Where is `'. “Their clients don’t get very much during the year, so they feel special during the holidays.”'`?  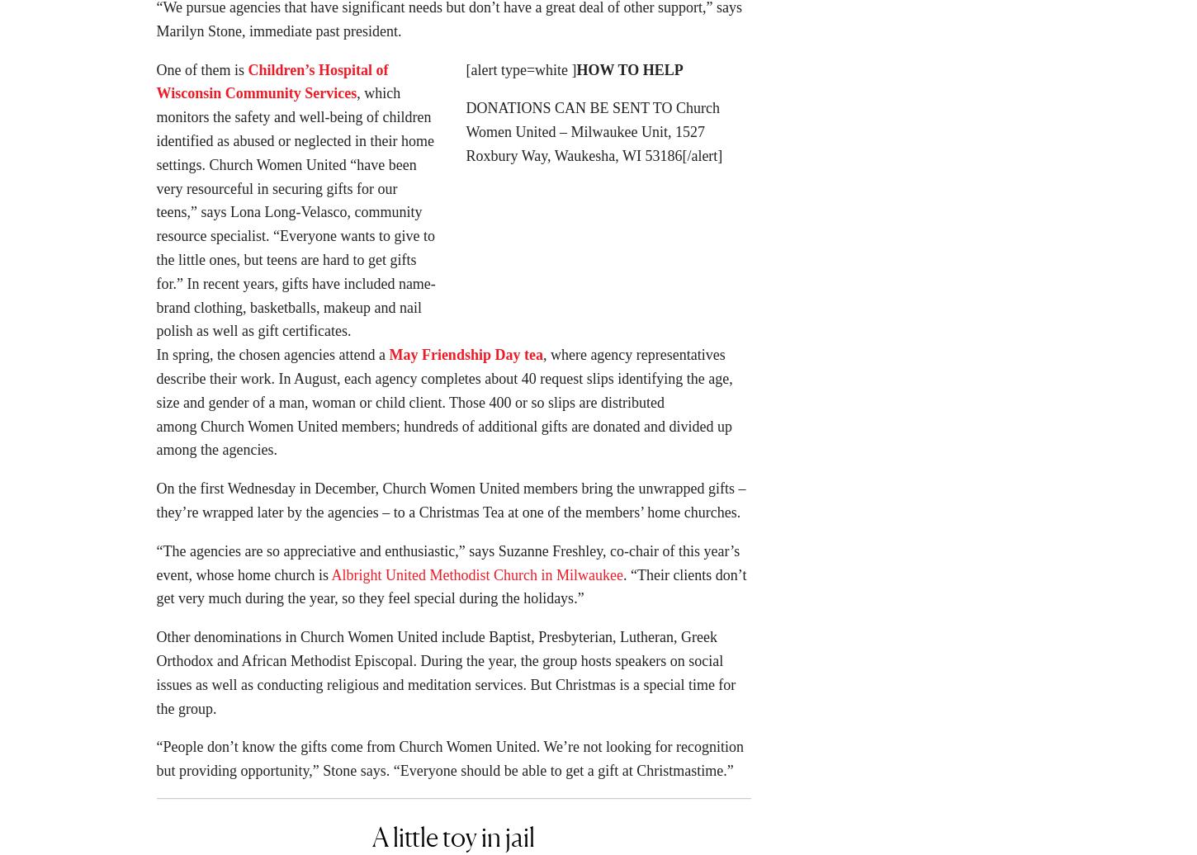
'. “Their clients don’t get very much during the year, so they feel special during the holidays.”' is located at coordinates (451, 592).